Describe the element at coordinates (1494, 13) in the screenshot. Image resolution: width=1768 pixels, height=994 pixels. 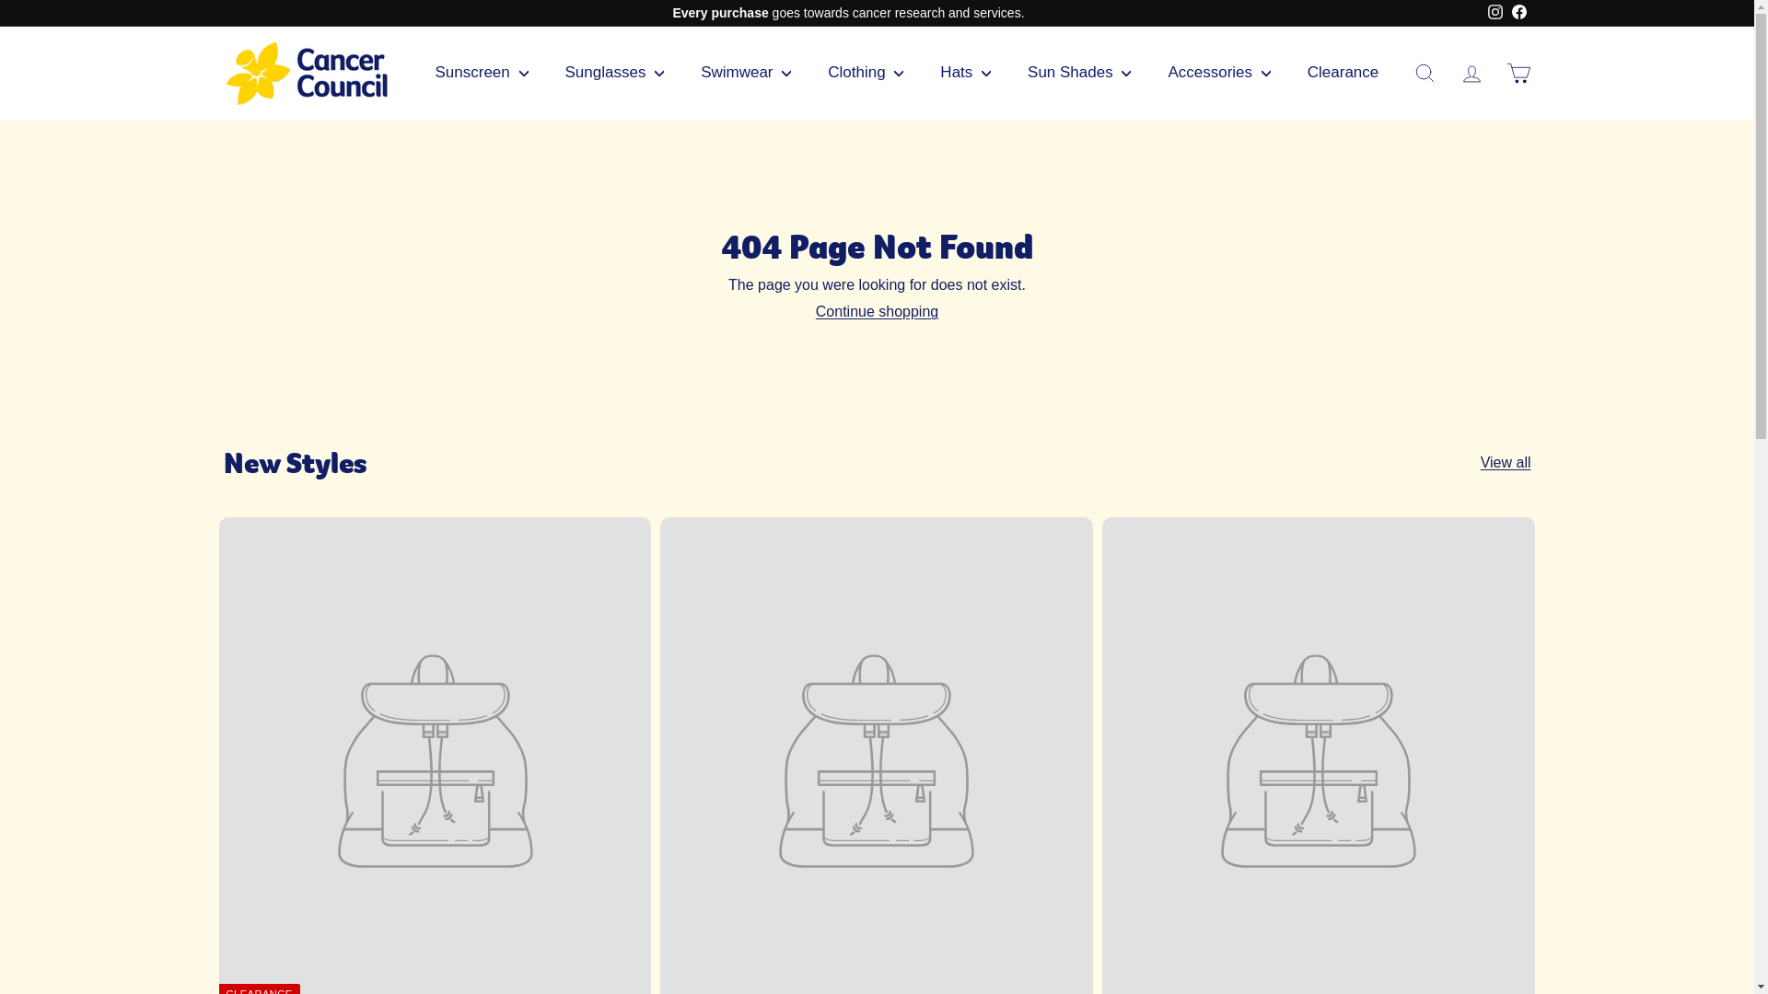
I see `'instagram` at that location.